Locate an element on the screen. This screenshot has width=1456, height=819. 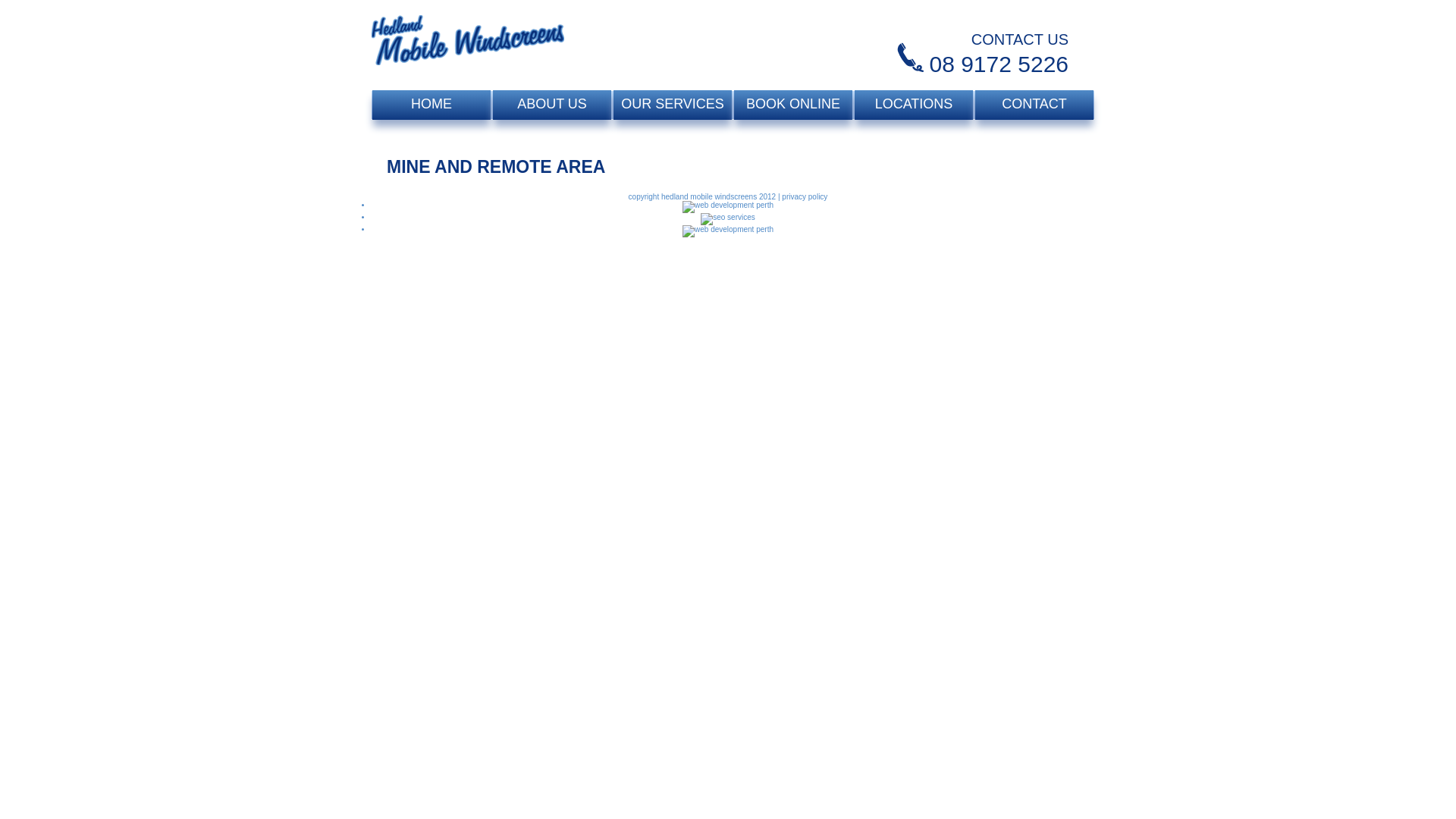
'ABOUT US' is located at coordinates (551, 104).